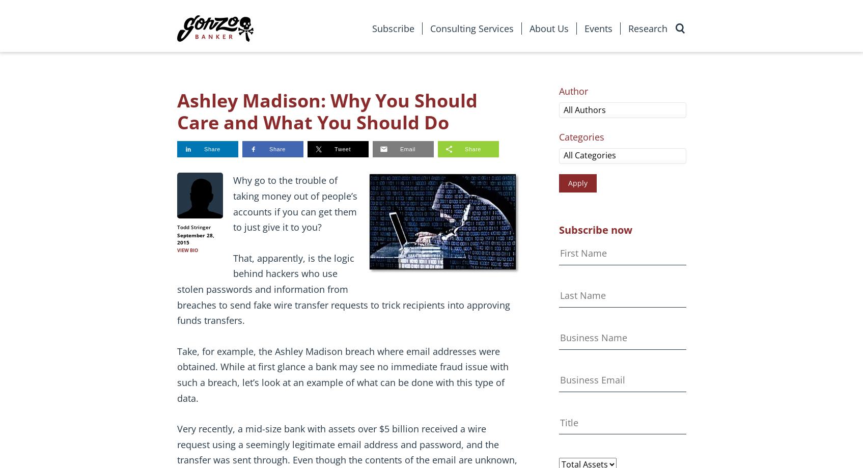 The height and width of the screenshot is (468, 863). What do you see at coordinates (194, 238) in the screenshot?
I see `'September 28, 2015'` at bounding box center [194, 238].